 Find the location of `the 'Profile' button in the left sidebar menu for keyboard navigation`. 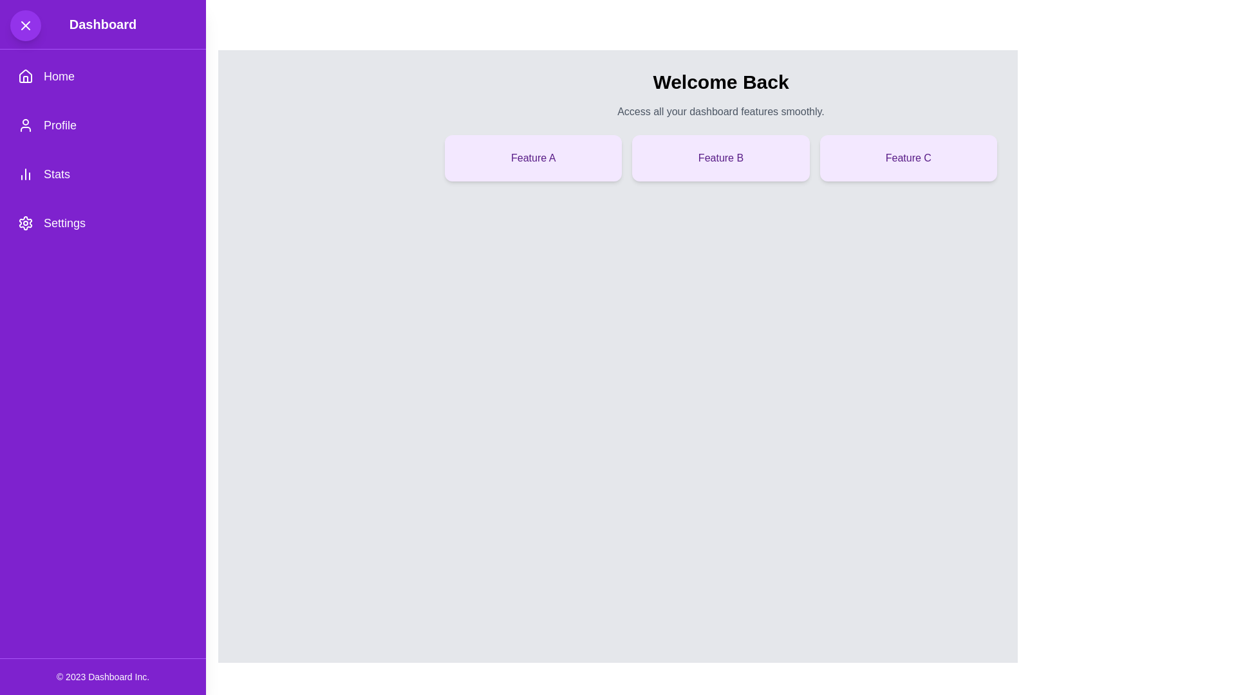

the 'Profile' button in the left sidebar menu for keyboard navigation is located at coordinates (47, 125).